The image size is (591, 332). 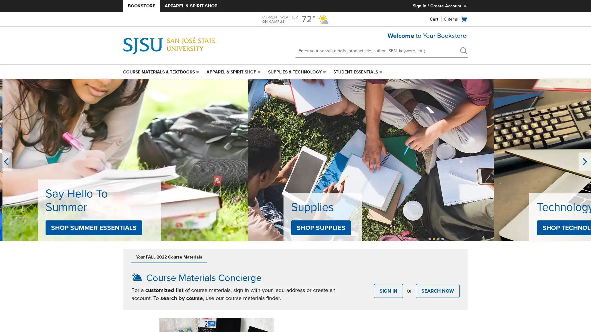 I want to click on search, so click(x=463, y=50).